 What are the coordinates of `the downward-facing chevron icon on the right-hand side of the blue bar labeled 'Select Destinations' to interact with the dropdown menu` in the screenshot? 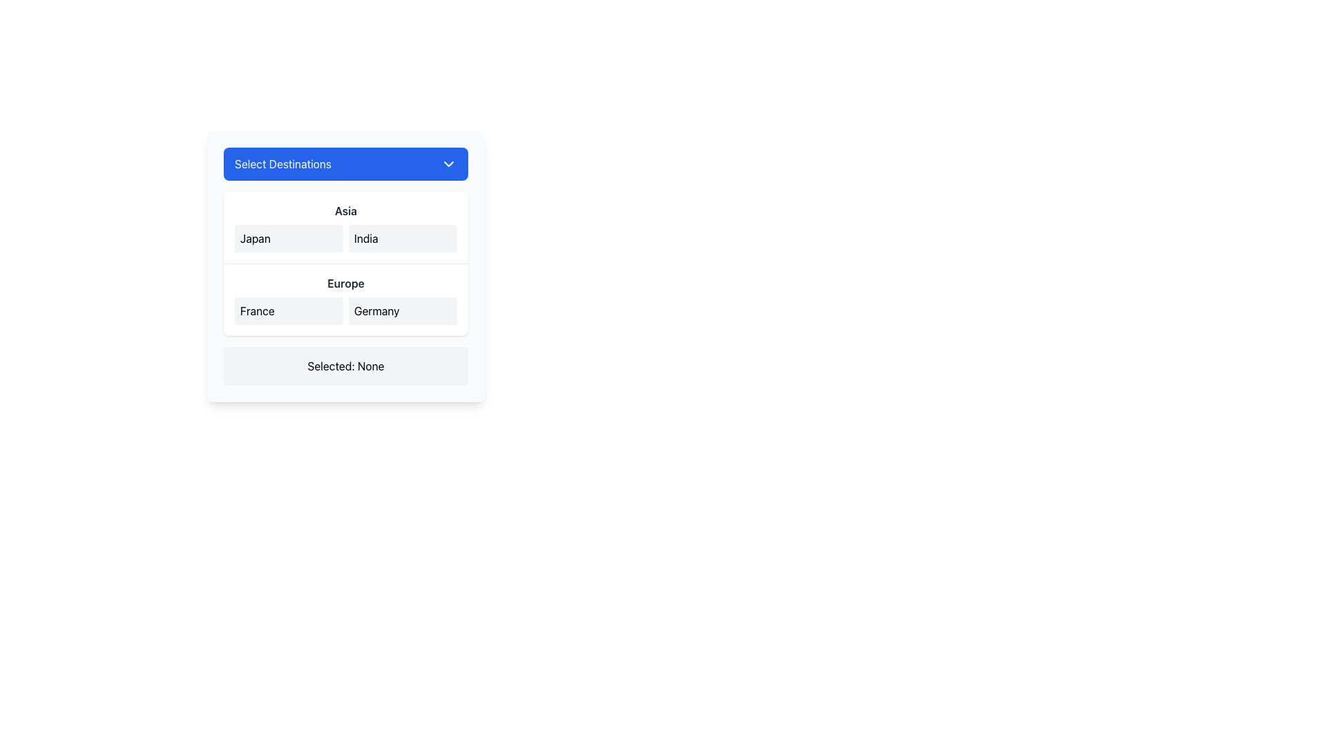 It's located at (448, 163).